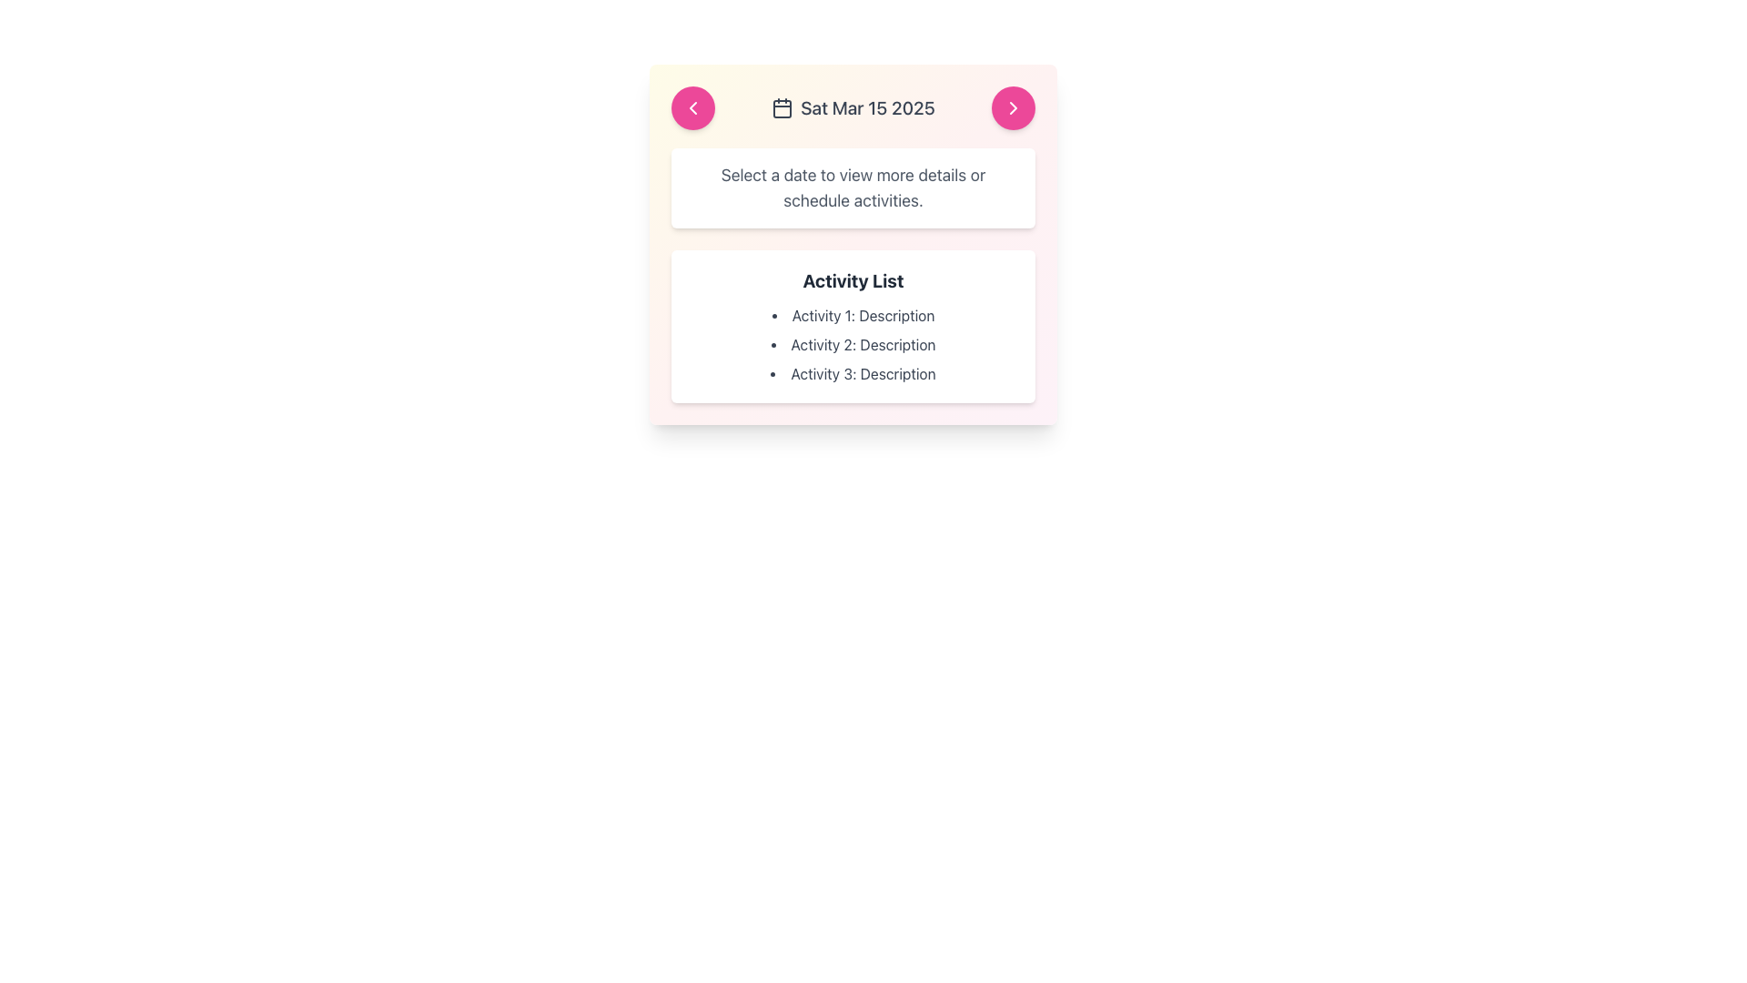 This screenshot has height=983, width=1747. Describe the element at coordinates (783, 108) in the screenshot. I see `the decorative graphic within the calendar icon, which visually represents the date selection feature located at the top-center of the interface` at that location.